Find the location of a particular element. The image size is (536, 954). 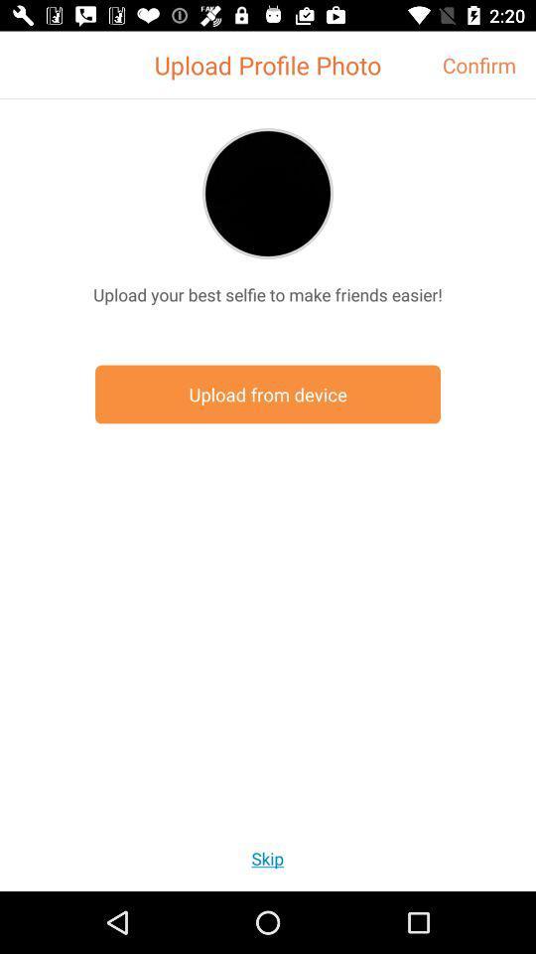

upload a profile photo is located at coordinates (268, 193).